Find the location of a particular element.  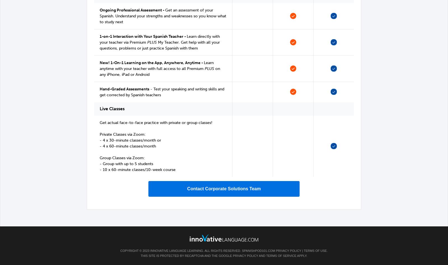

'- Test your speaking and writing skills and get corrected by Spanish  teachers' is located at coordinates (100, 92).